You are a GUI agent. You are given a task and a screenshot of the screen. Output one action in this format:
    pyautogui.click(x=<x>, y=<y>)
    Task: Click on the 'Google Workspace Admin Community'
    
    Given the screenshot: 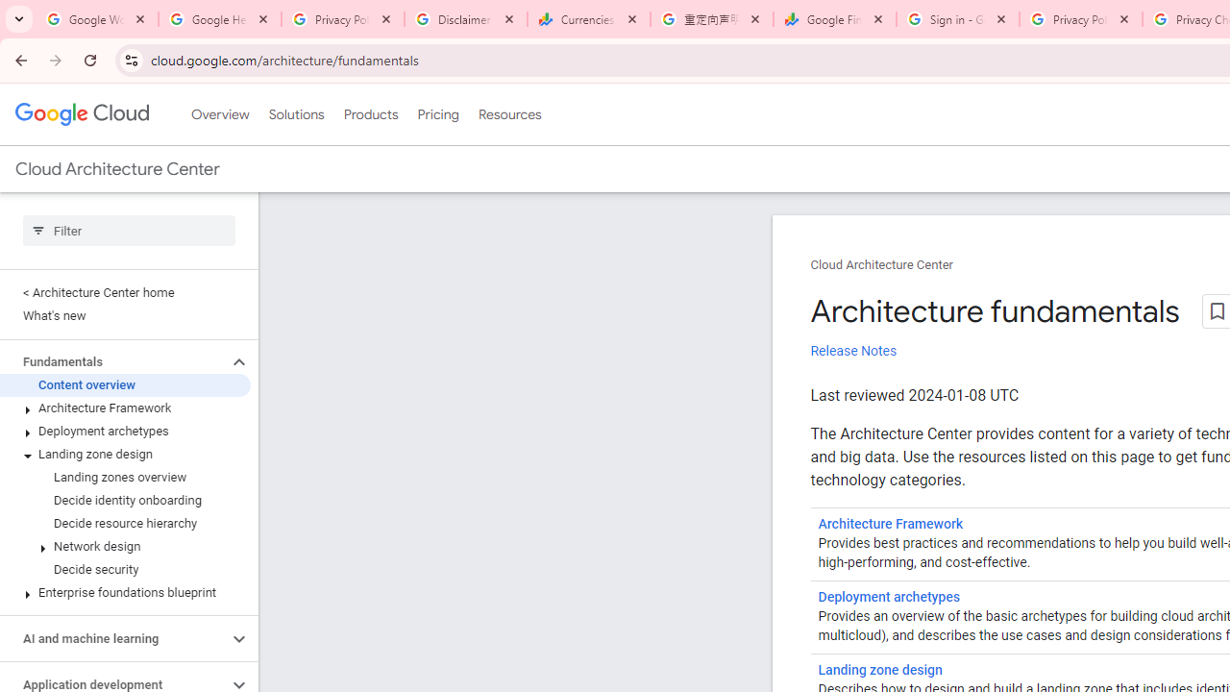 What is the action you would take?
    pyautogui.click(x=96, y=19)
    